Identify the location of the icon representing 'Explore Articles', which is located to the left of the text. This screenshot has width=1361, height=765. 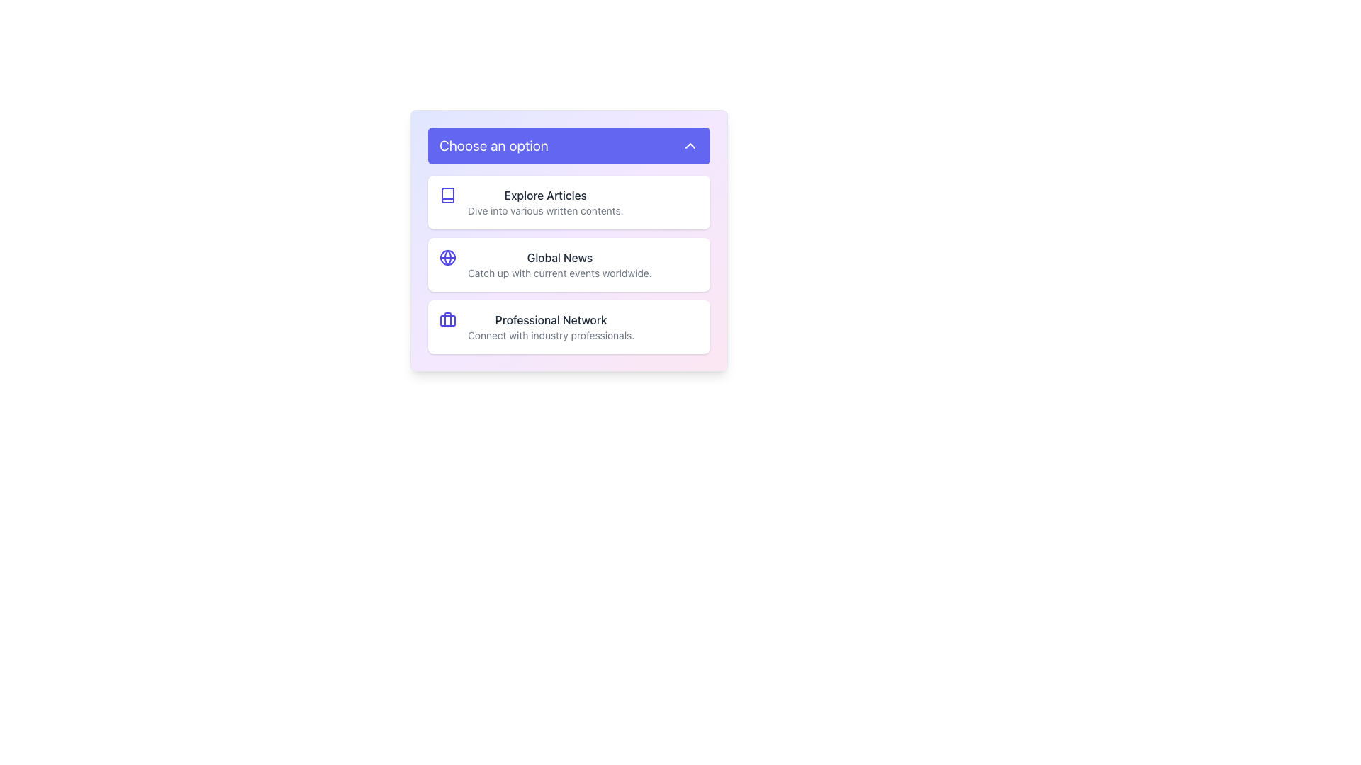
(447, 195).